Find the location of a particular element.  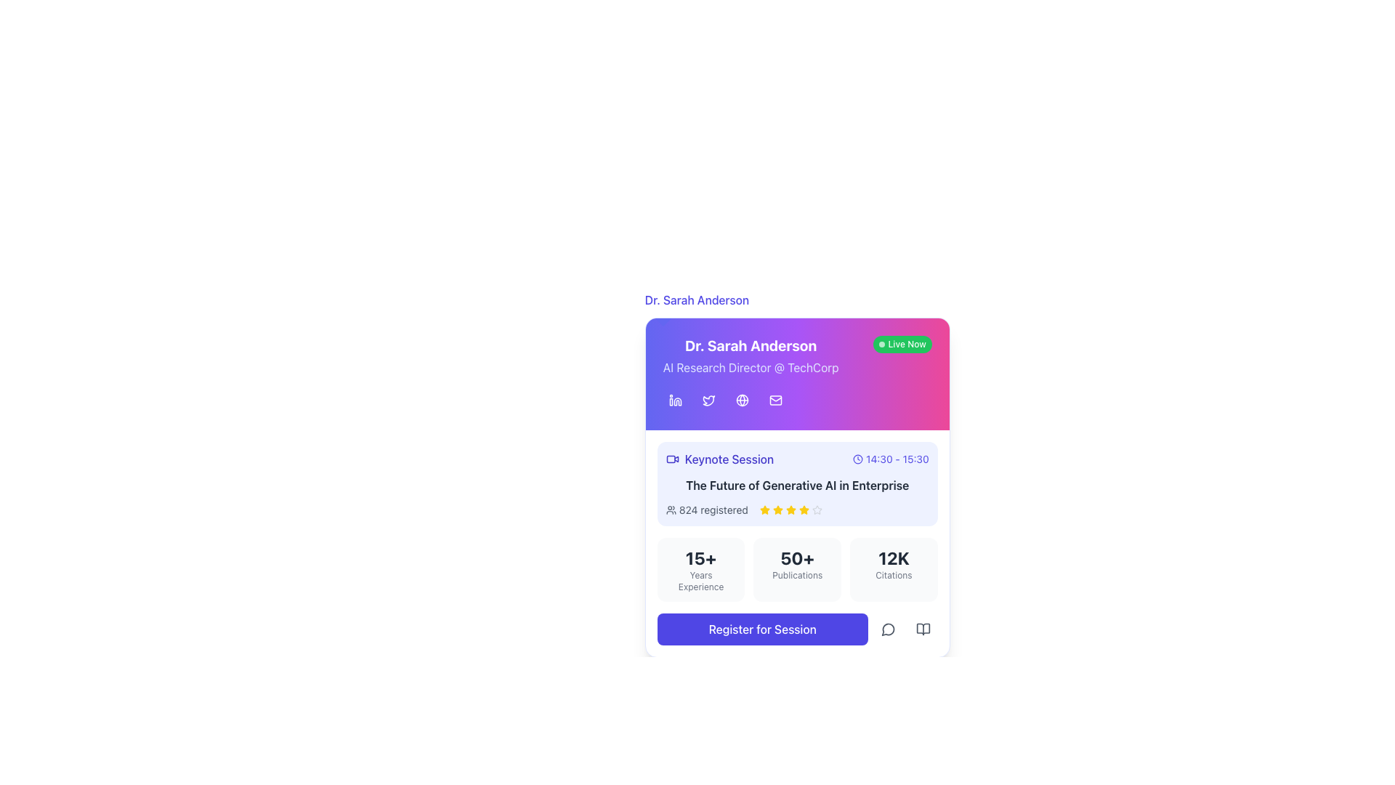

the information display element showing '824 registered' with rating stars beneath the 'Keynote Session' block is located at coordinates (796, 510).